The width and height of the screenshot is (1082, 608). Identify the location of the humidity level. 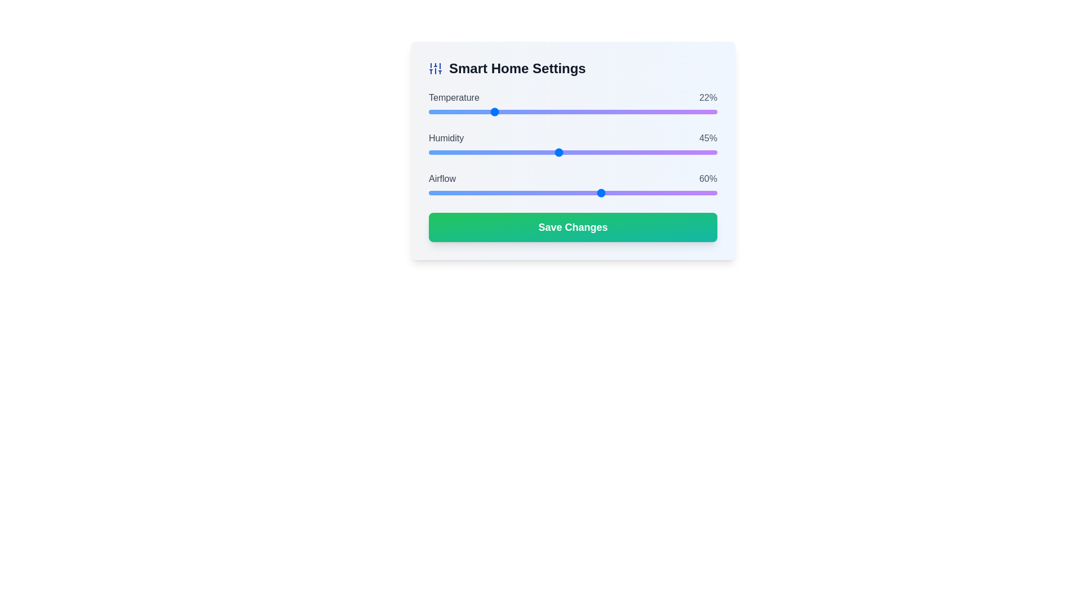
(428, 149).